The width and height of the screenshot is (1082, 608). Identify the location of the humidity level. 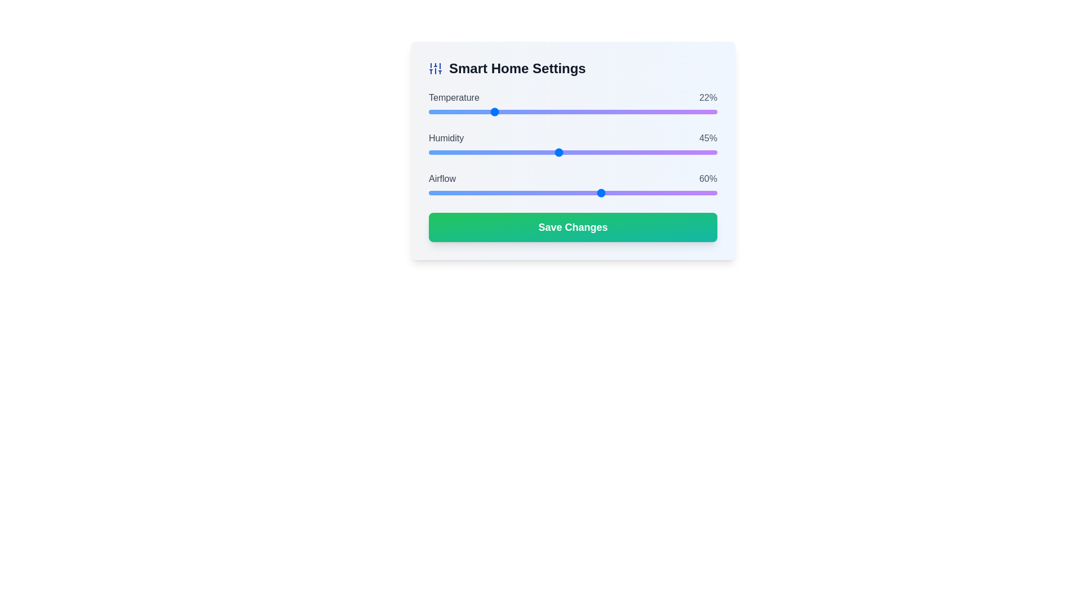
(428, 149).